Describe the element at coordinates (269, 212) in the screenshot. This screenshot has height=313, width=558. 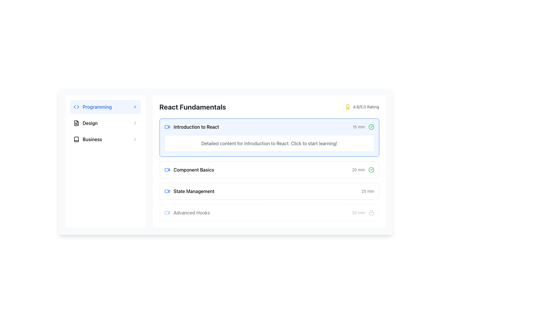
I see `lock state of the 'Advanced Hooks' card, which is the fourth item in the 'React Fundamentals' vertical list, featuring a title next to a video camera icon and a lock icon next to the duration text` at that location.